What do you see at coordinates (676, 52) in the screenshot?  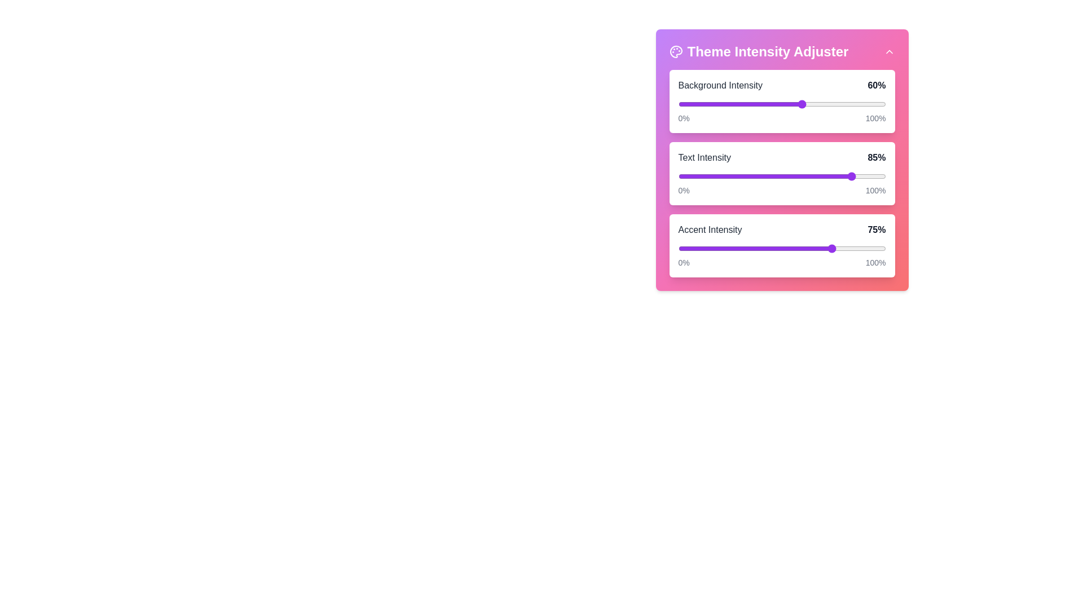 I see `the icon located to the left of the 'Theme Intensity Adjuster' heading, which suggests a tool for theme or color adjustments` at bounding box center [676, 52].